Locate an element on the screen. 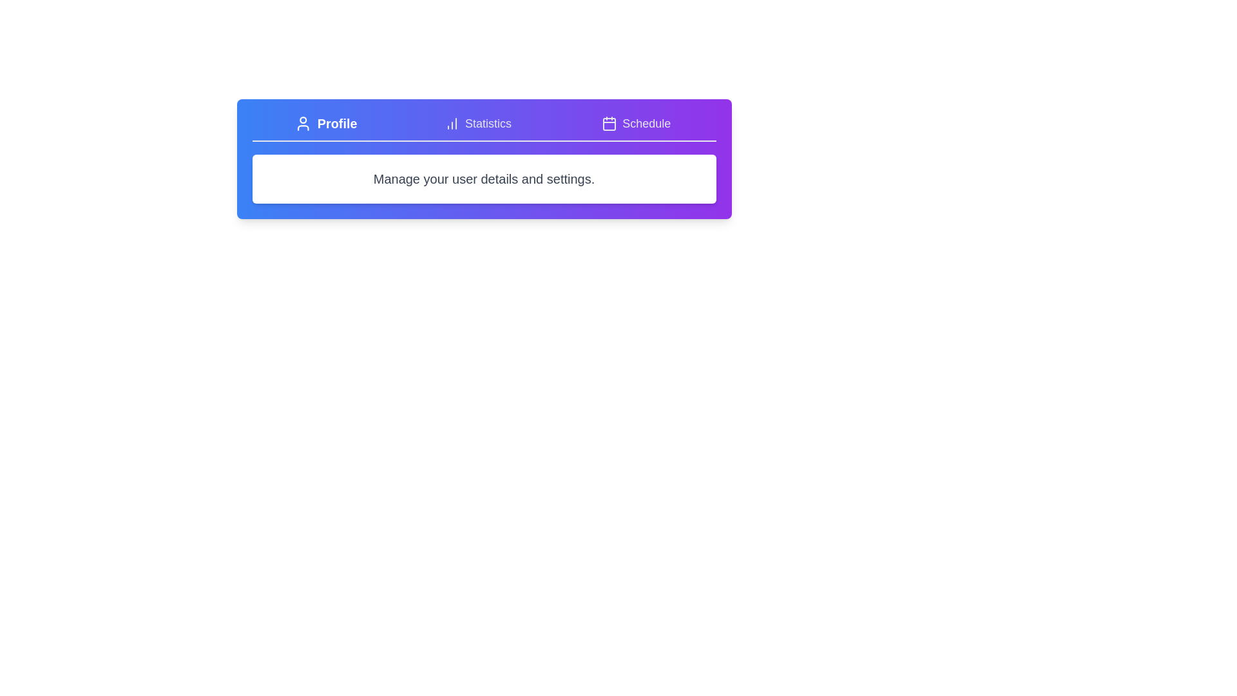  the Profile tab is located at coordinates (325, 124).